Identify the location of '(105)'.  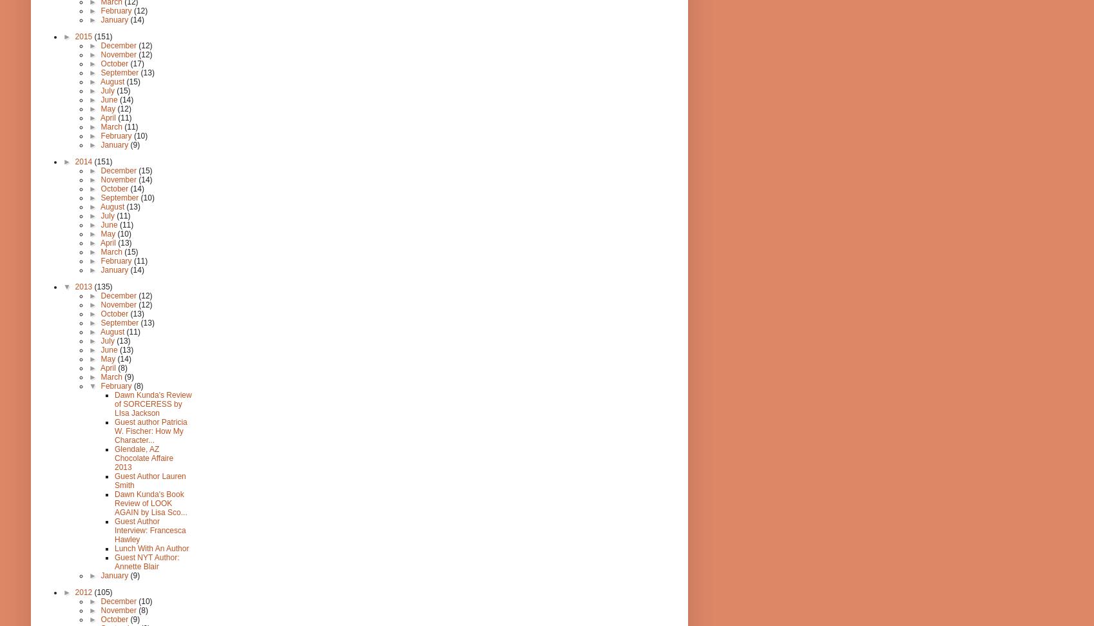
(93, 591).